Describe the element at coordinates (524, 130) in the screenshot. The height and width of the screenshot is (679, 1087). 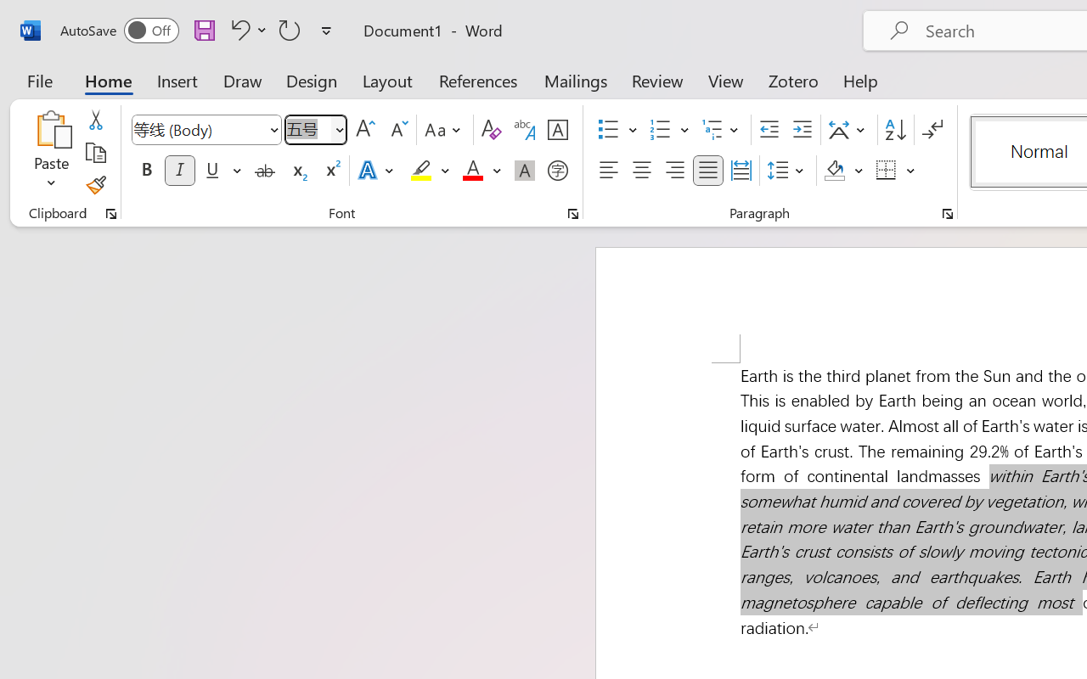
I see `'Phonetic Guide...'` at that location.